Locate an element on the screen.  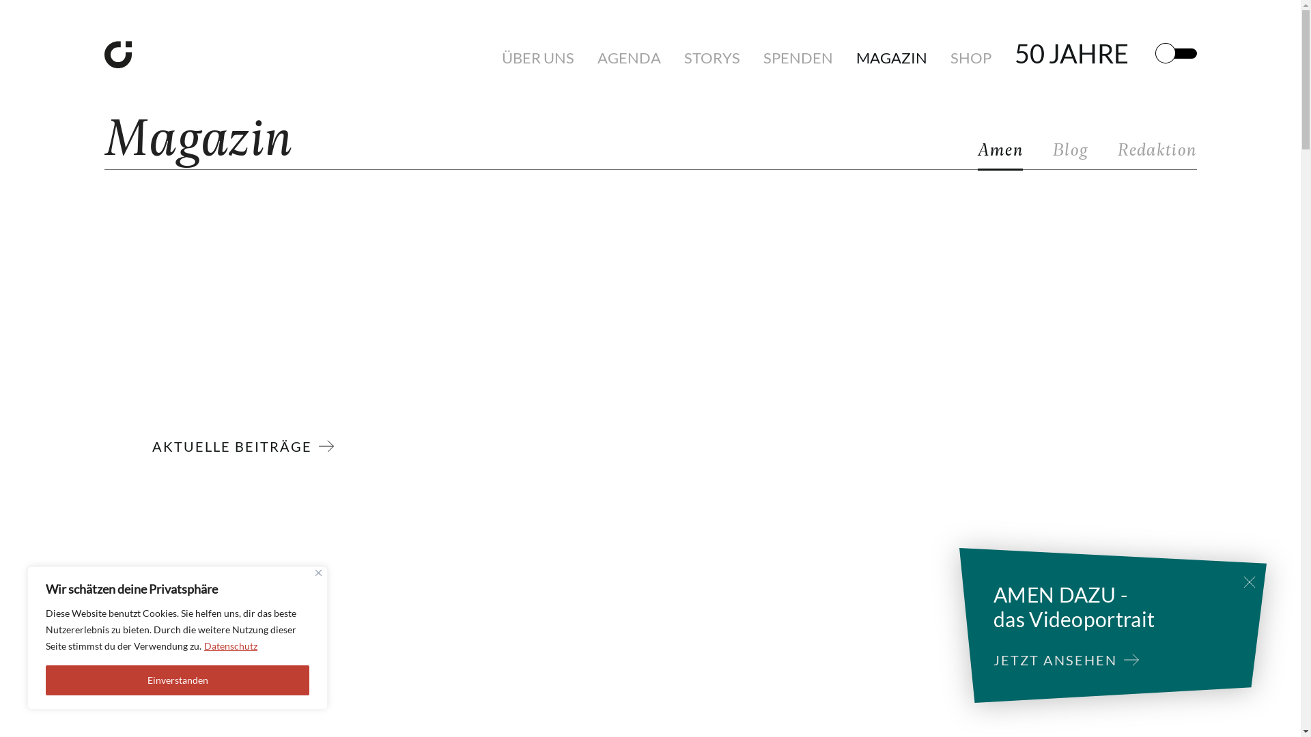
'Datenschutz' is located at coordinates (230, 645).